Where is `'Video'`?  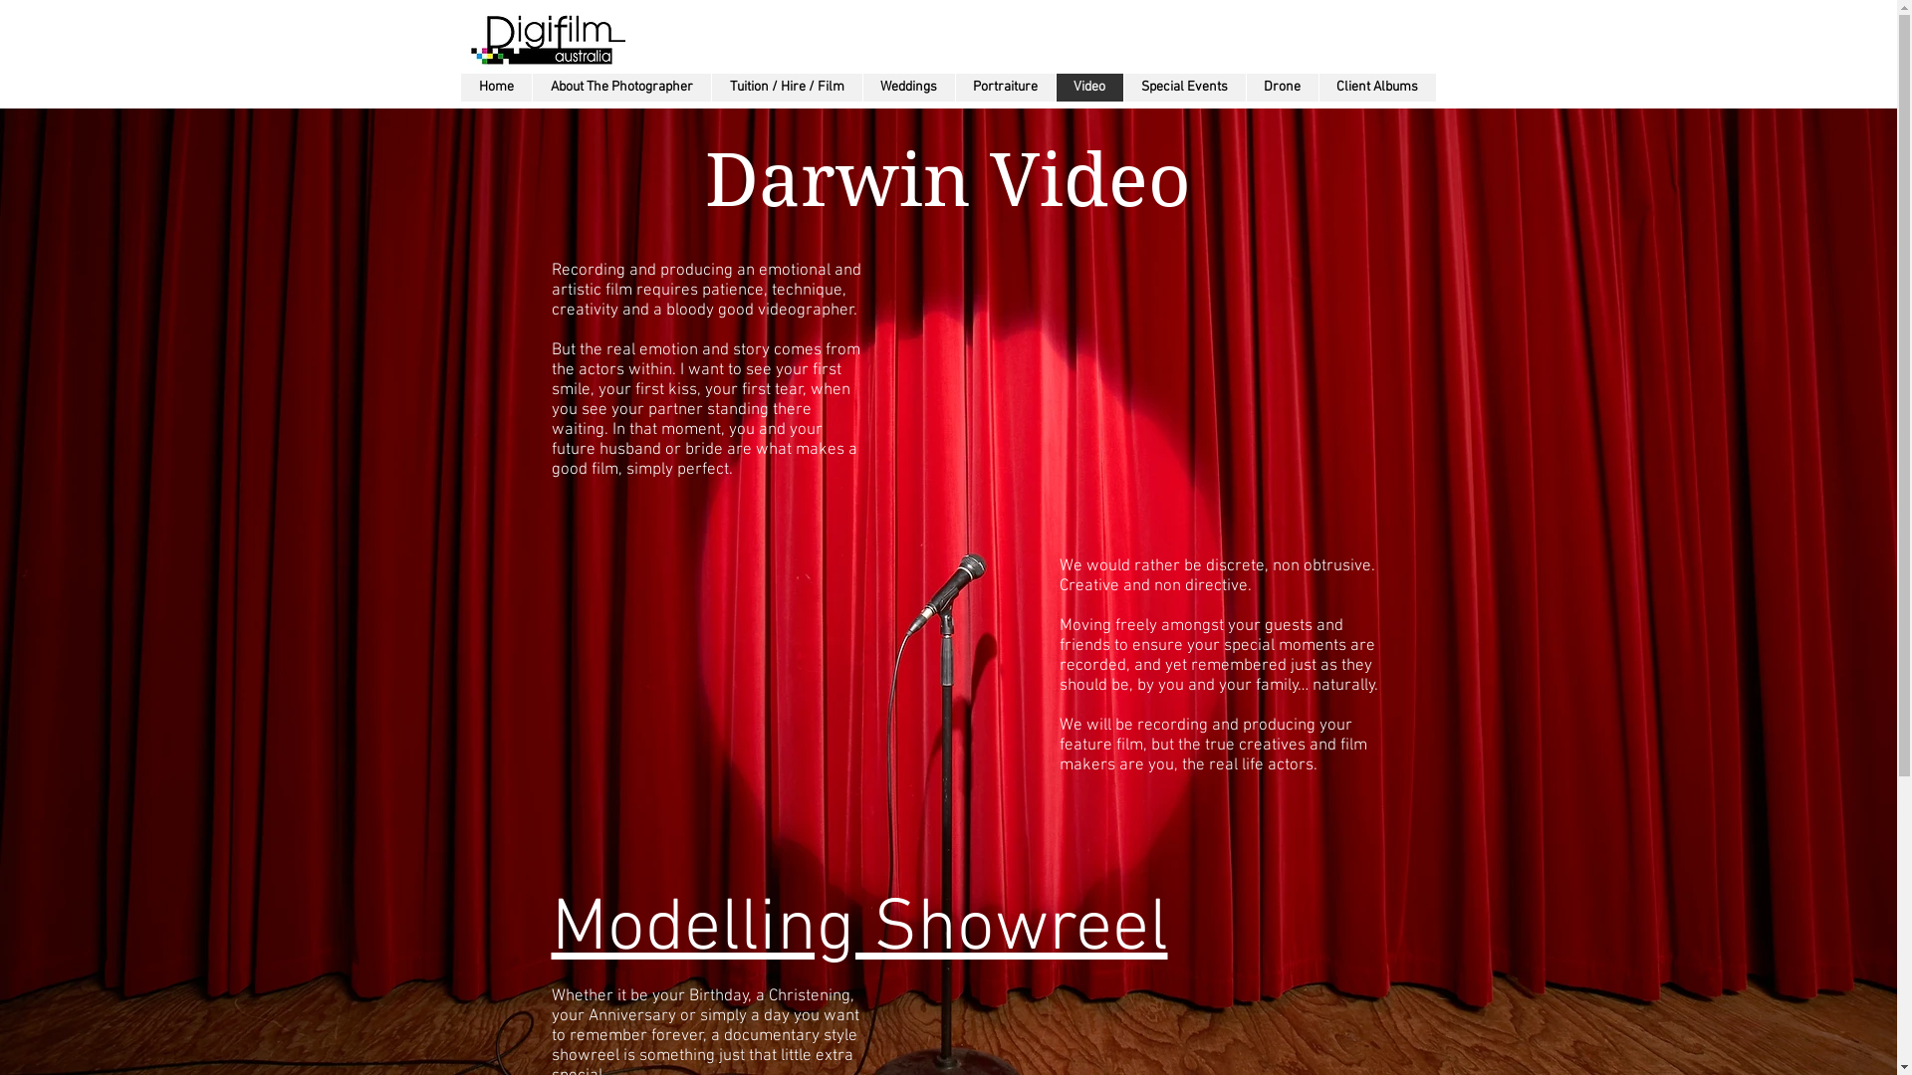 'Video' is located at coordinates (1088, 87).